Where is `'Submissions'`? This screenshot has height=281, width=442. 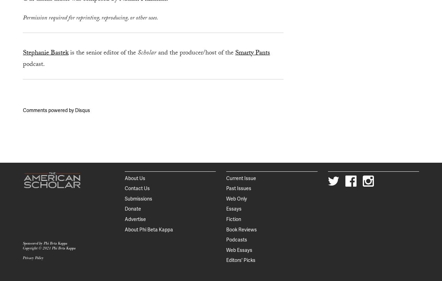
'Submissions' is located at coordinates (124, 198).